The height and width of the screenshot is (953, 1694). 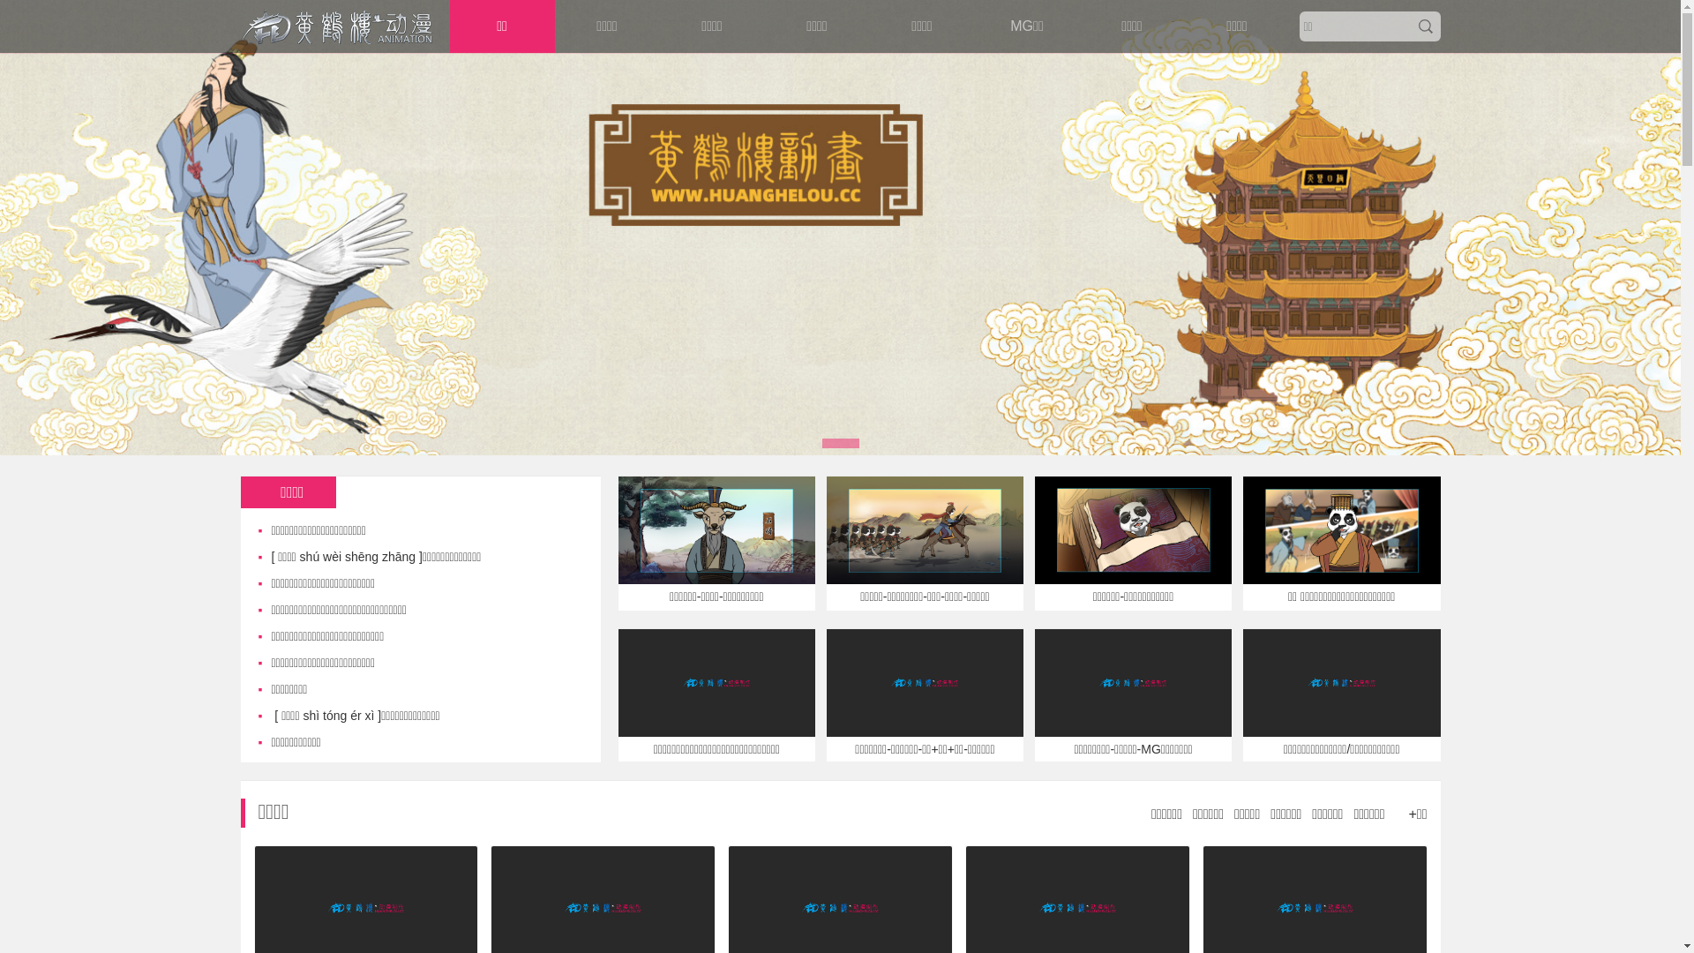 What do you see at coordinates (1424, 26) in the screenshot?
I see `'so'` at bounding box center [1424, 26].